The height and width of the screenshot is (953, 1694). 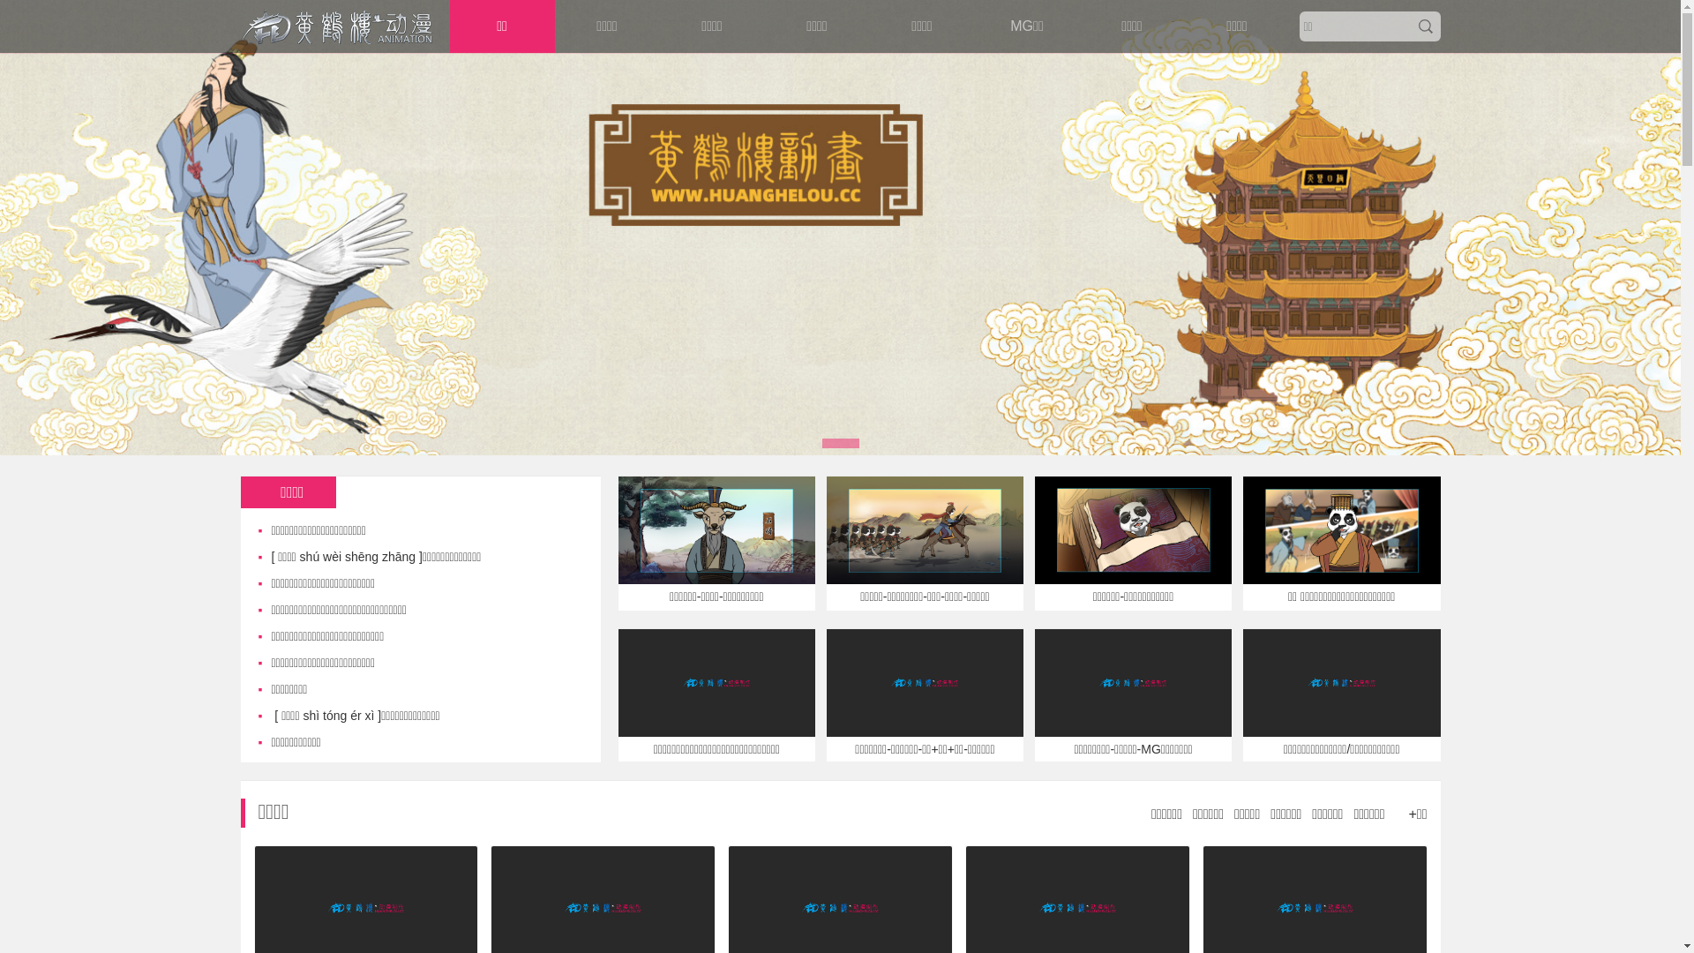 What do you see at coordinates (1424, 26) in the screenshot?
I see `'so'` at bounding box center [1424, 26].